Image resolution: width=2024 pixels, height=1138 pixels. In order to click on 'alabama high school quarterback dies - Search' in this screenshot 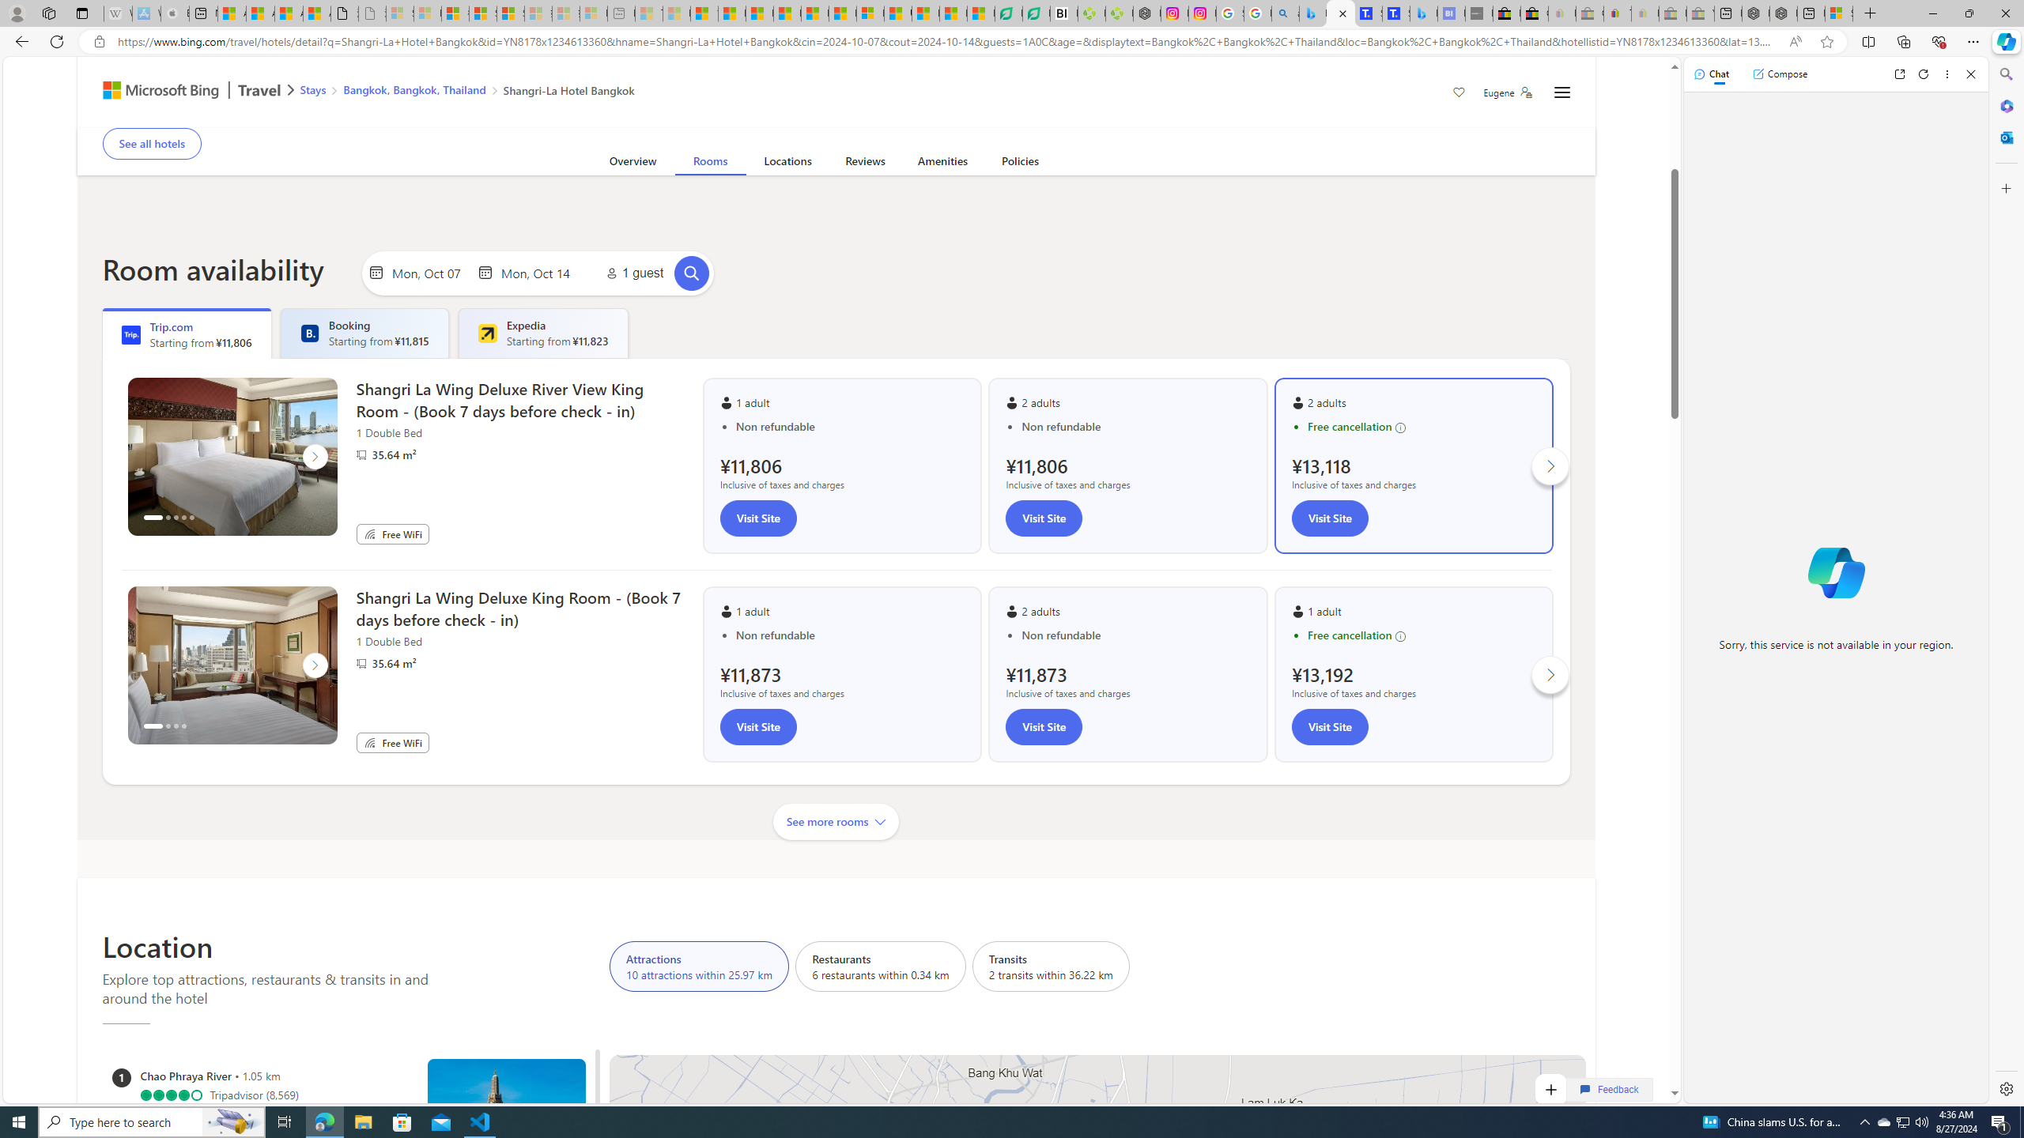, I will do `click(1285, 13)`.